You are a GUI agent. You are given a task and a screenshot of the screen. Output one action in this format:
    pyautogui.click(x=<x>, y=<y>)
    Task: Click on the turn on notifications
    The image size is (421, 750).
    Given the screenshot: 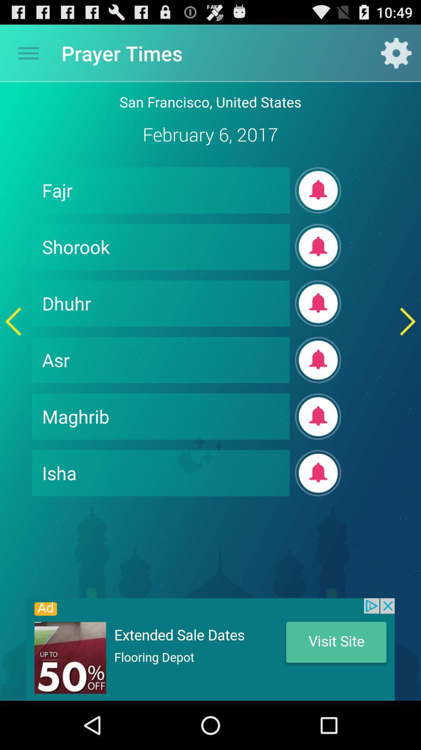 What is the action you would take?
    pyautogui.click(x=318, y=416)
    